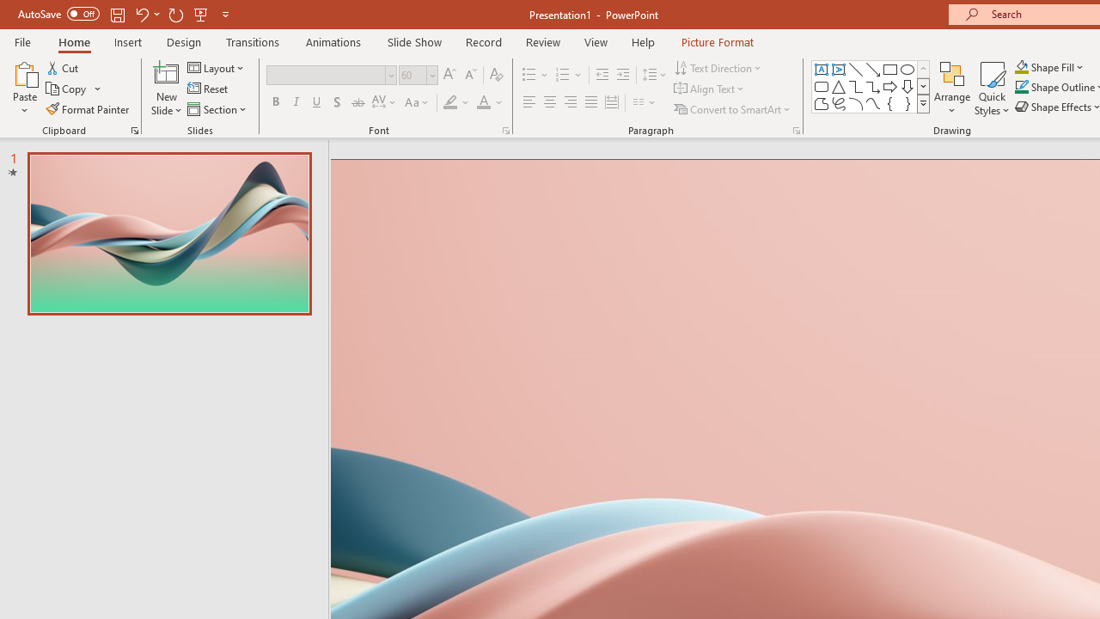 This screenshot has height=619, width=1100. I want to click on 'Picture Format', so click(718, 41).